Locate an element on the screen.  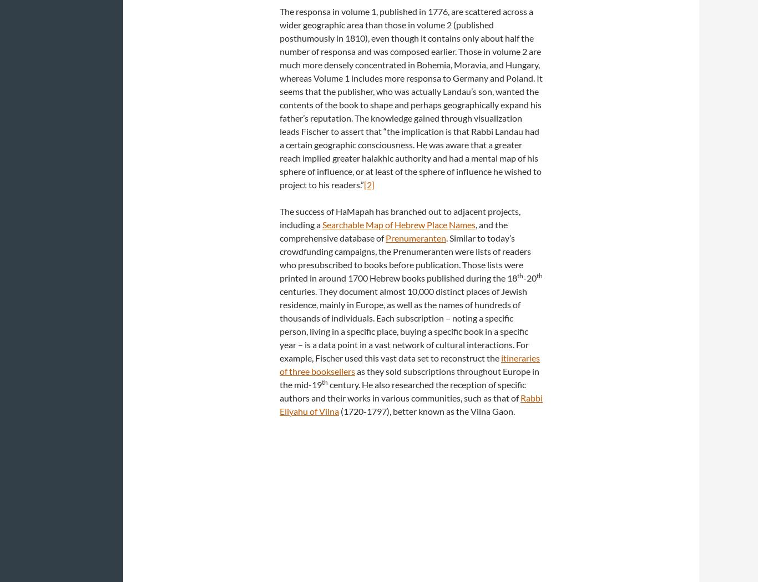
'itineraries of three booksellers' is located at coordinates (410, 364).